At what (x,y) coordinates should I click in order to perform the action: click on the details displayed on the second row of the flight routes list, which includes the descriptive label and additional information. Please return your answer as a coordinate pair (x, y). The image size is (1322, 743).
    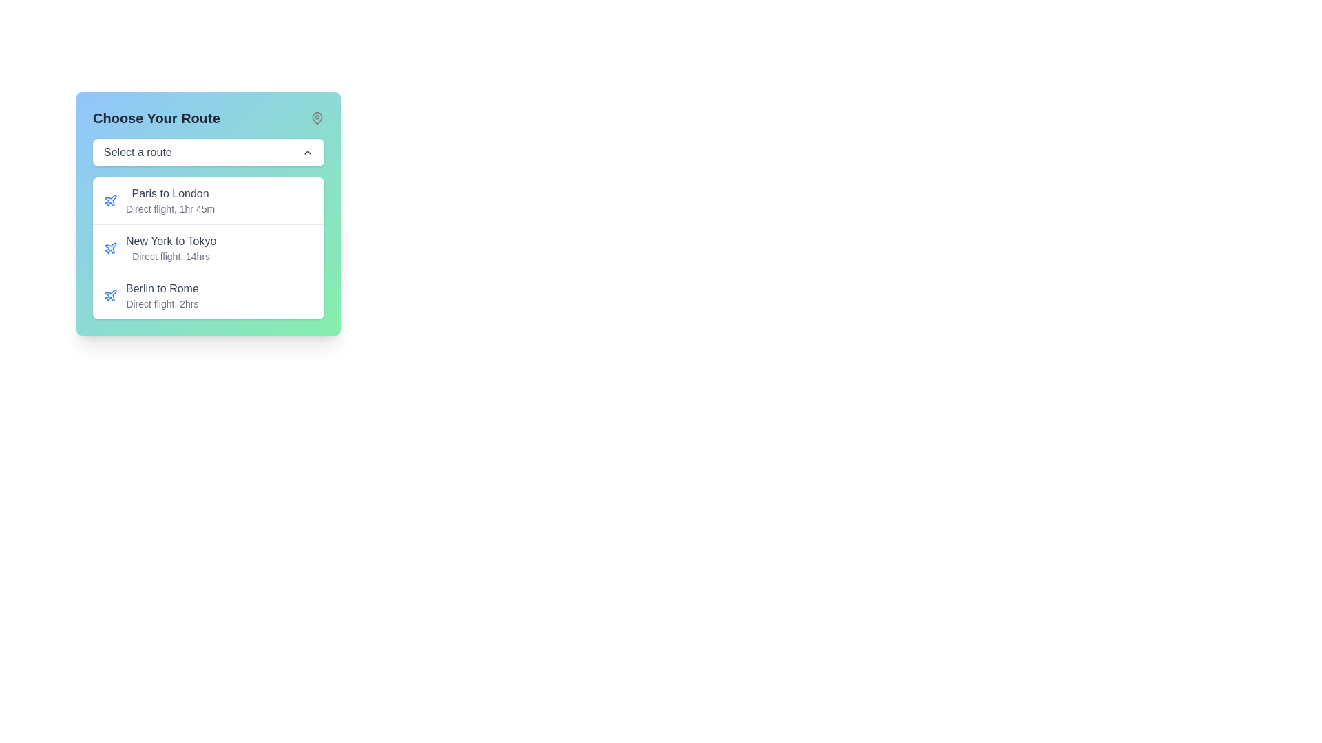
    Looking at the image, I should click on (207, 248).